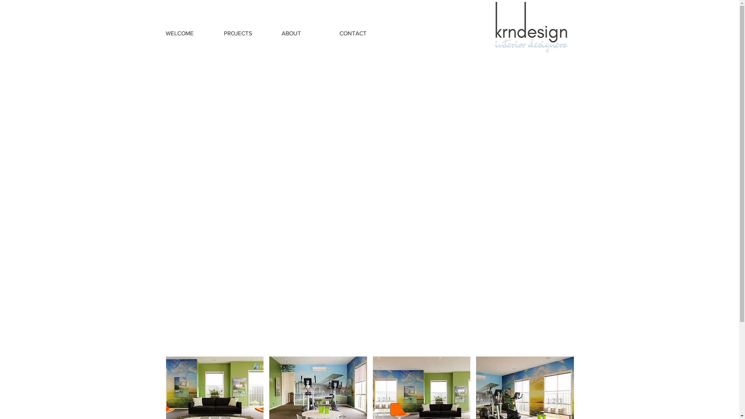 The image size is (745, 419). What do you see at coordinates (532, 26) in the screenshot?
I see `'Logo for Stationary - plain.jpg'` at bounding box center [532, 26].